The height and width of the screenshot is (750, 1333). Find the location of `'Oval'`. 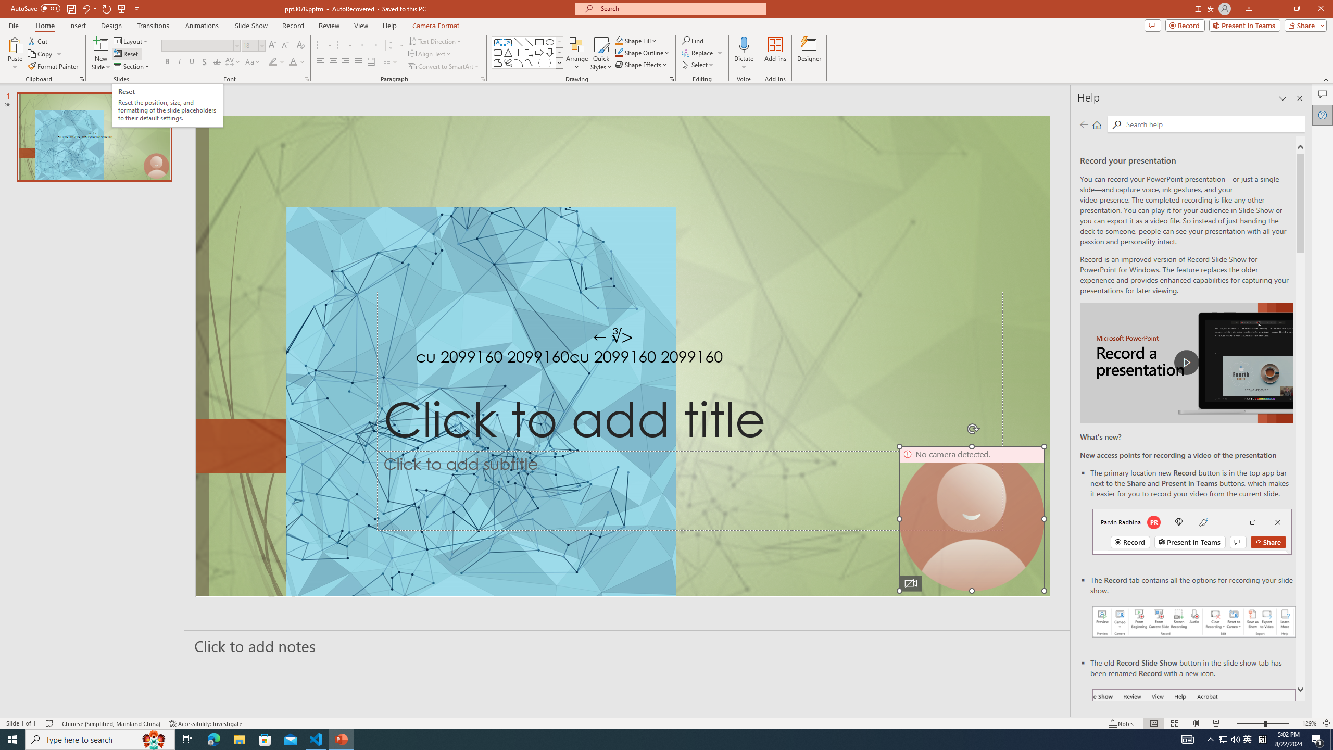

'Oval' is located at coordinates (549, 42).